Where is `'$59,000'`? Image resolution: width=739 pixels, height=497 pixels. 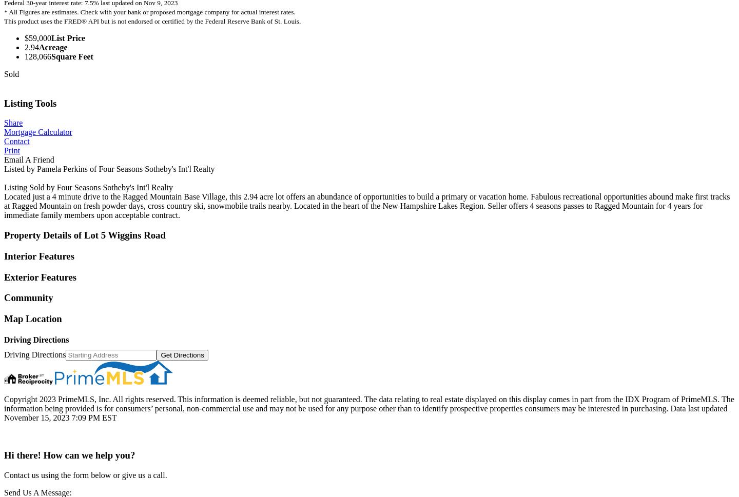
'$59,000' is located at coordinates (38, 37).